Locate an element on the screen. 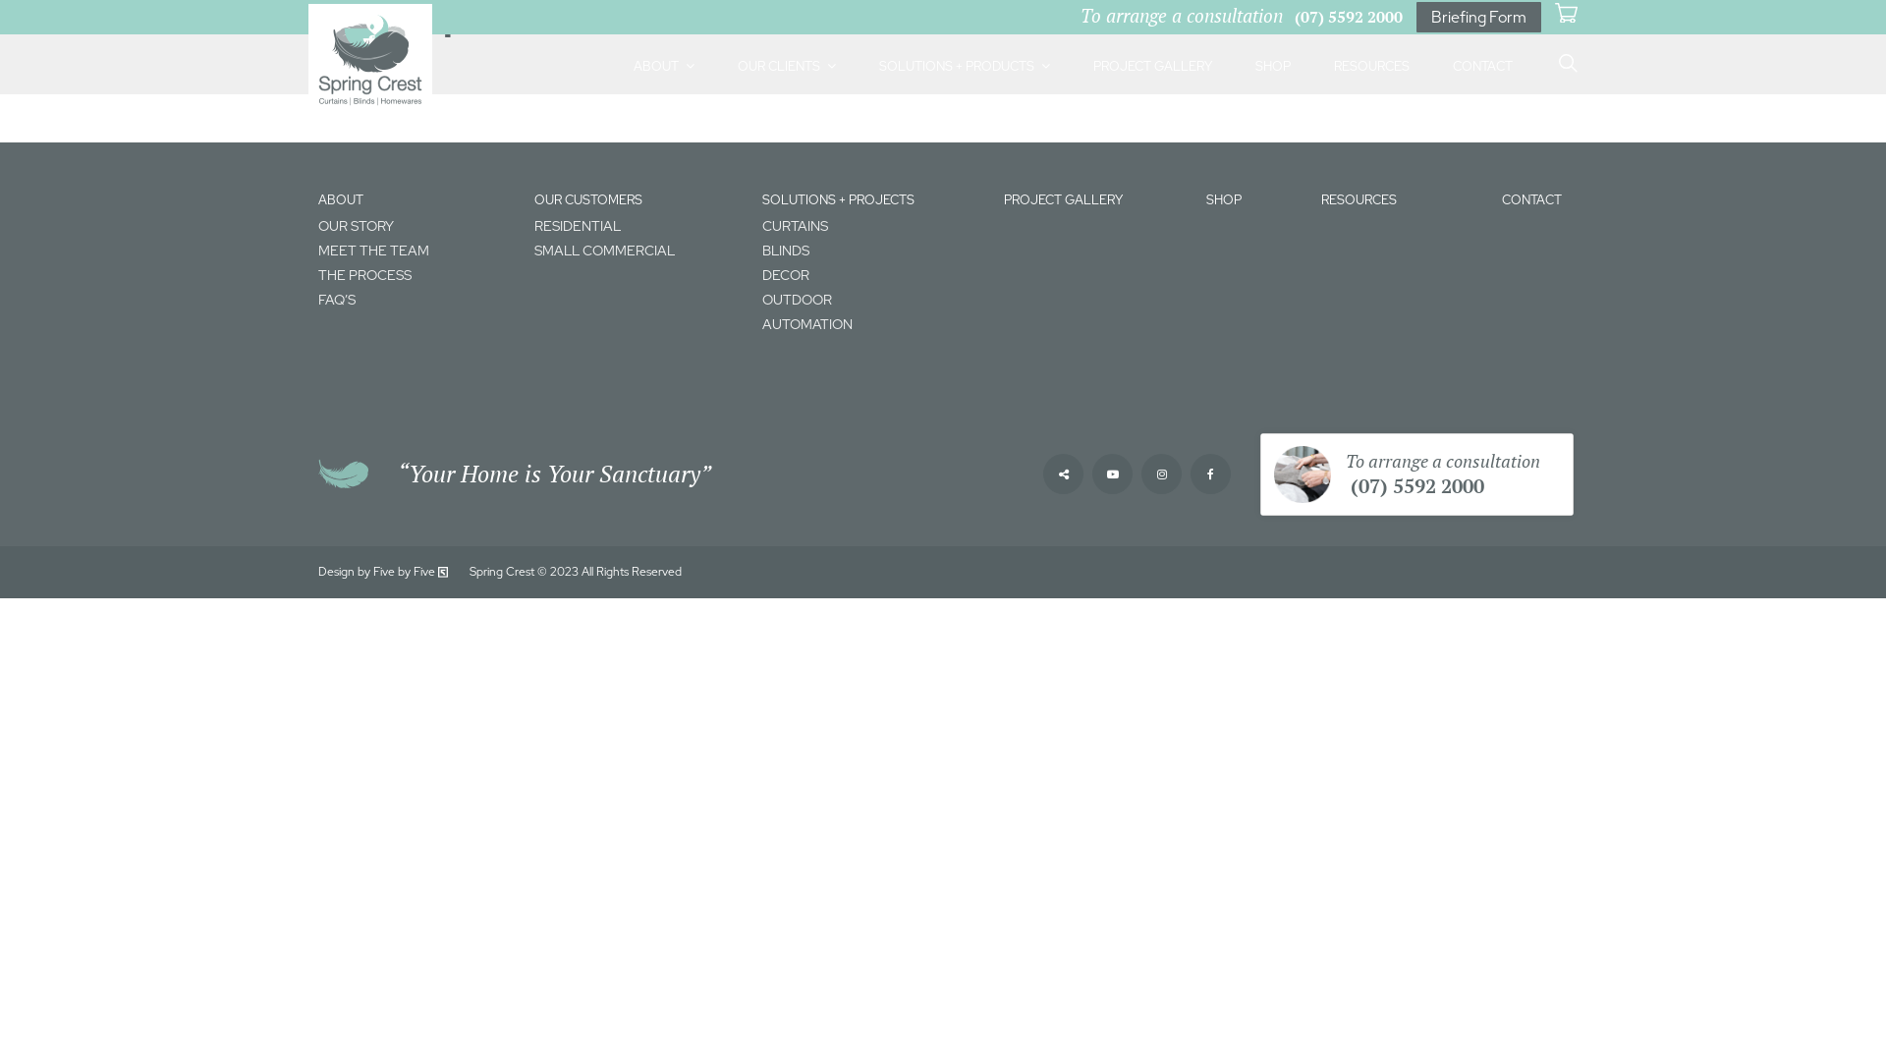 This screenshot has width=1886, height=1061. 'SMALL COMMERCIAL' is located at coordinates (533, 250).